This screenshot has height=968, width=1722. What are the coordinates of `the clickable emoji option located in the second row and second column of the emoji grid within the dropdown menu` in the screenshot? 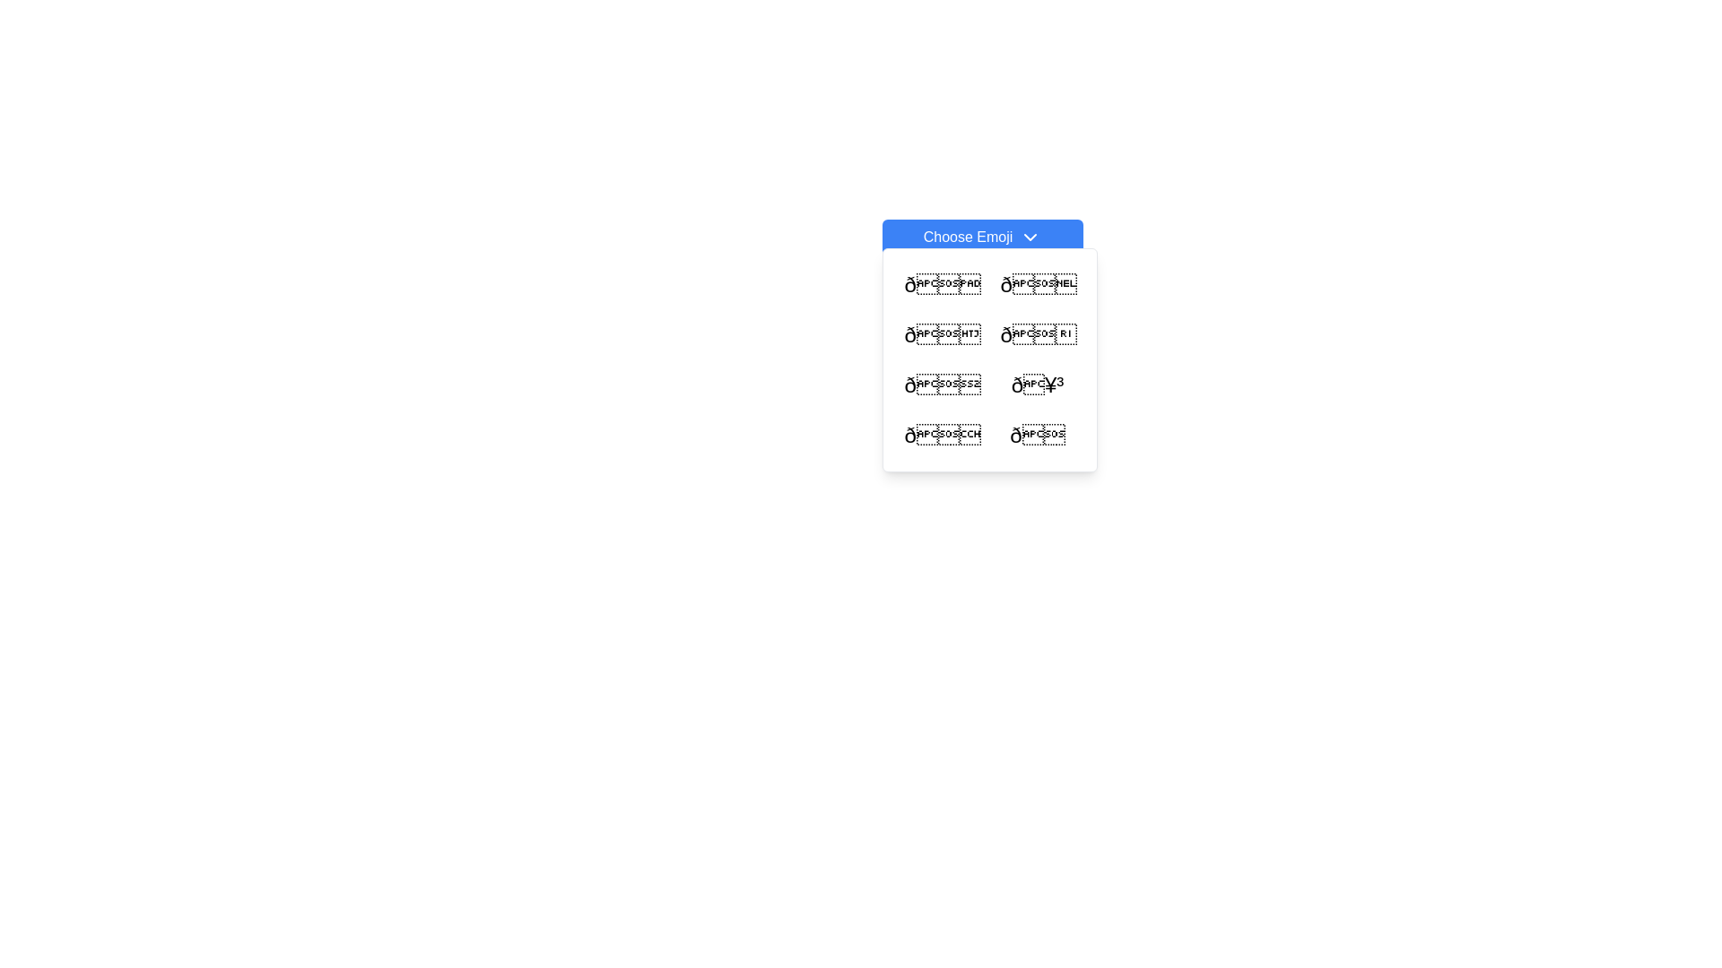 It's located at (1037, 384).